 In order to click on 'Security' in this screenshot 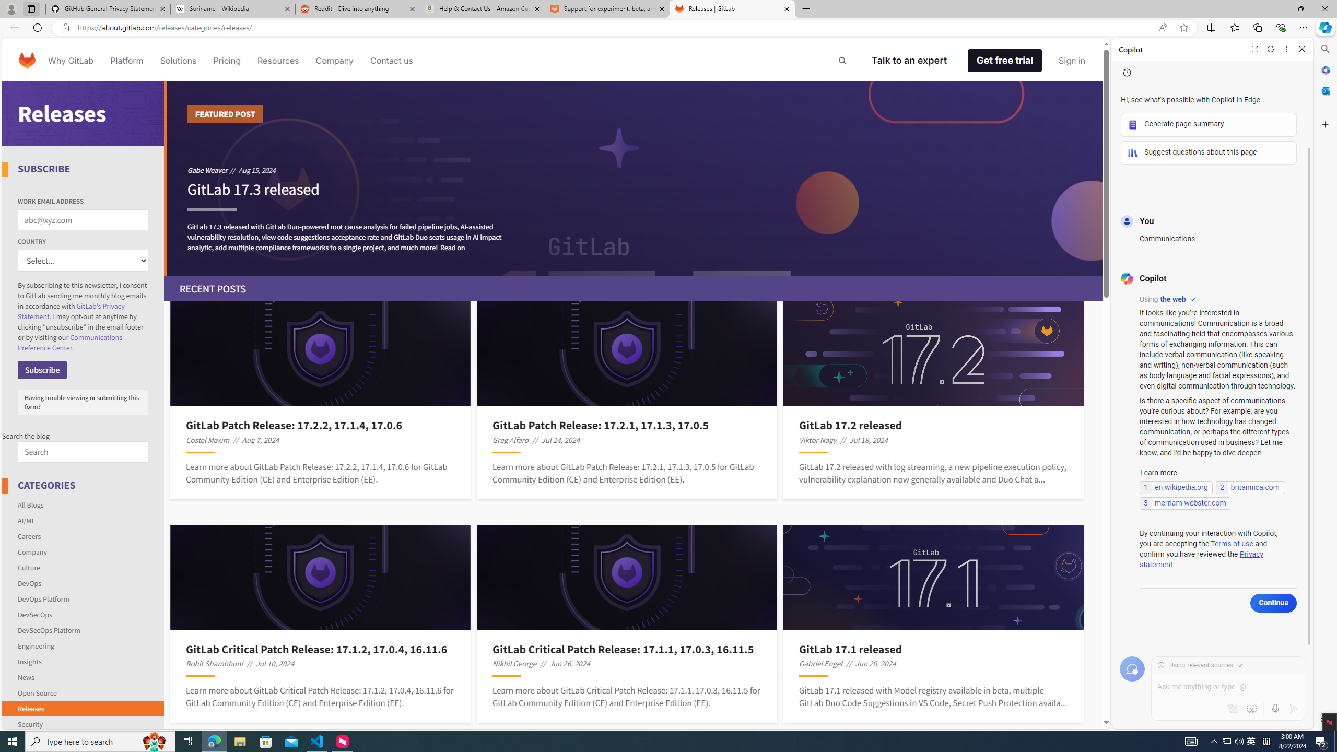, I will do `click(83, 722)`.